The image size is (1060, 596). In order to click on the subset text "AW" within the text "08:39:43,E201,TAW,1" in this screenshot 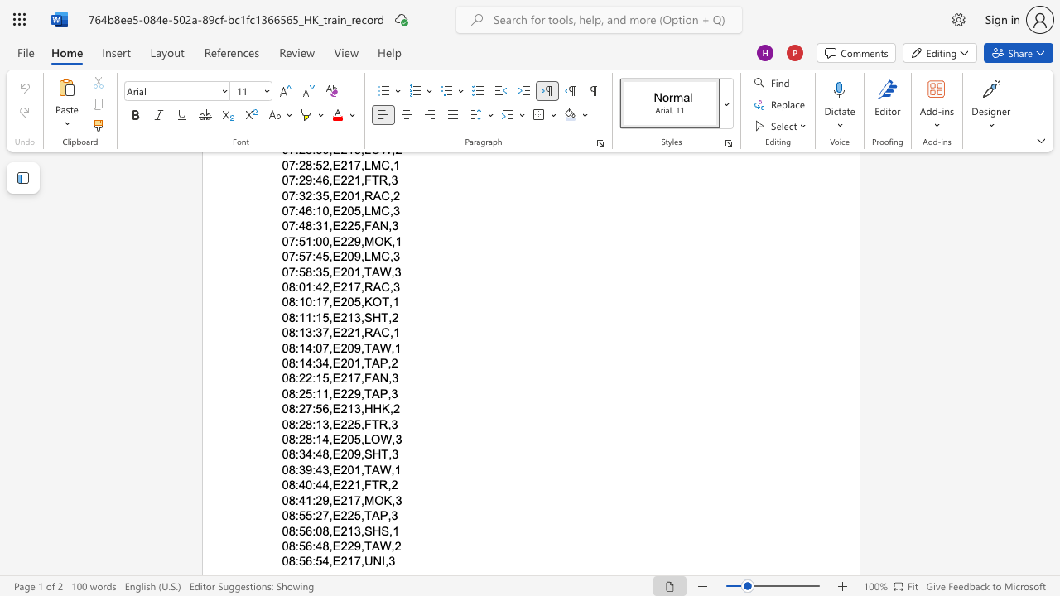, I will do `click(370, 469)`.